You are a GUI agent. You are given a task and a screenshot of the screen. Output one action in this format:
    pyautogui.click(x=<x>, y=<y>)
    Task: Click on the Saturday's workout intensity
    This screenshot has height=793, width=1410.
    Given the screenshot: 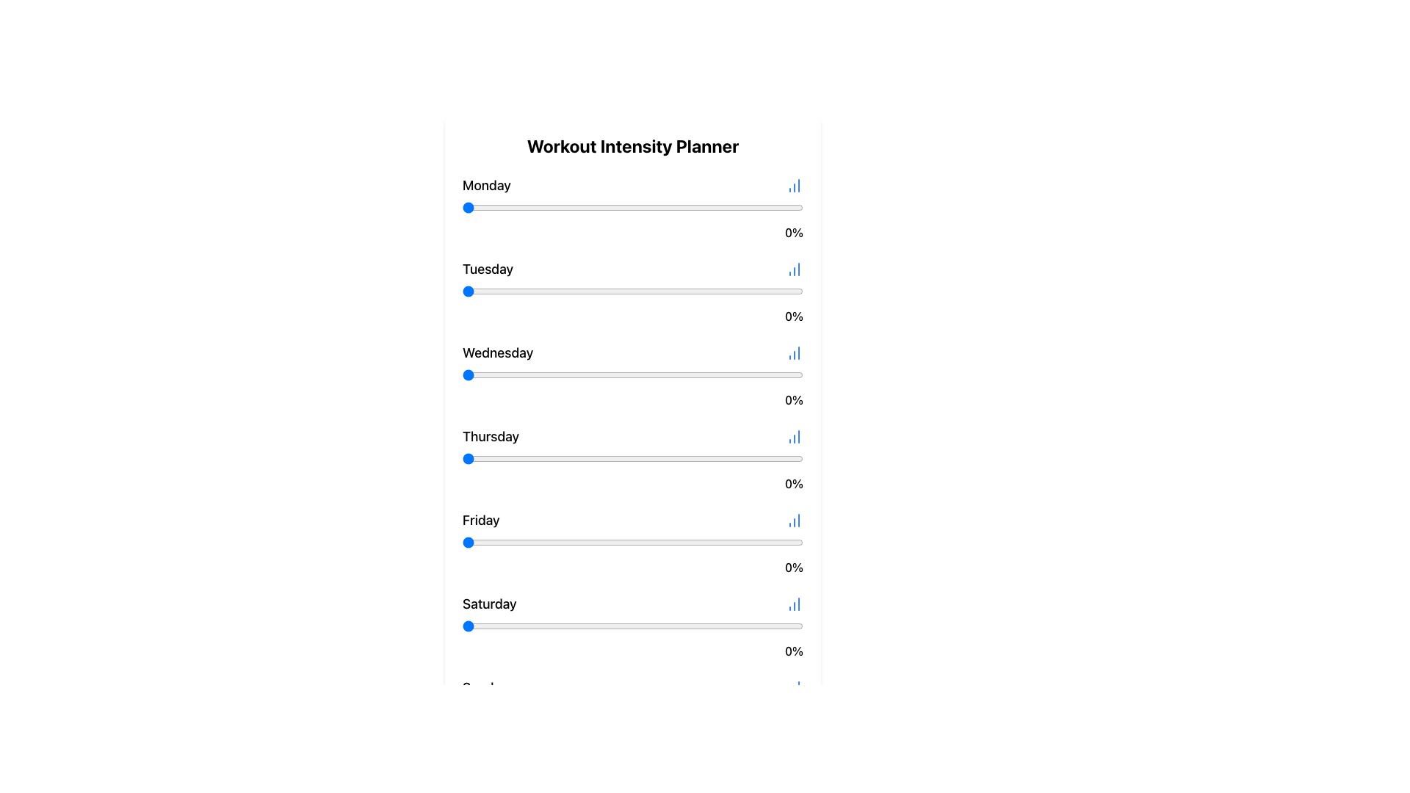 What is the action you would take?
    pyautogui.click(x=529, y=626)
    